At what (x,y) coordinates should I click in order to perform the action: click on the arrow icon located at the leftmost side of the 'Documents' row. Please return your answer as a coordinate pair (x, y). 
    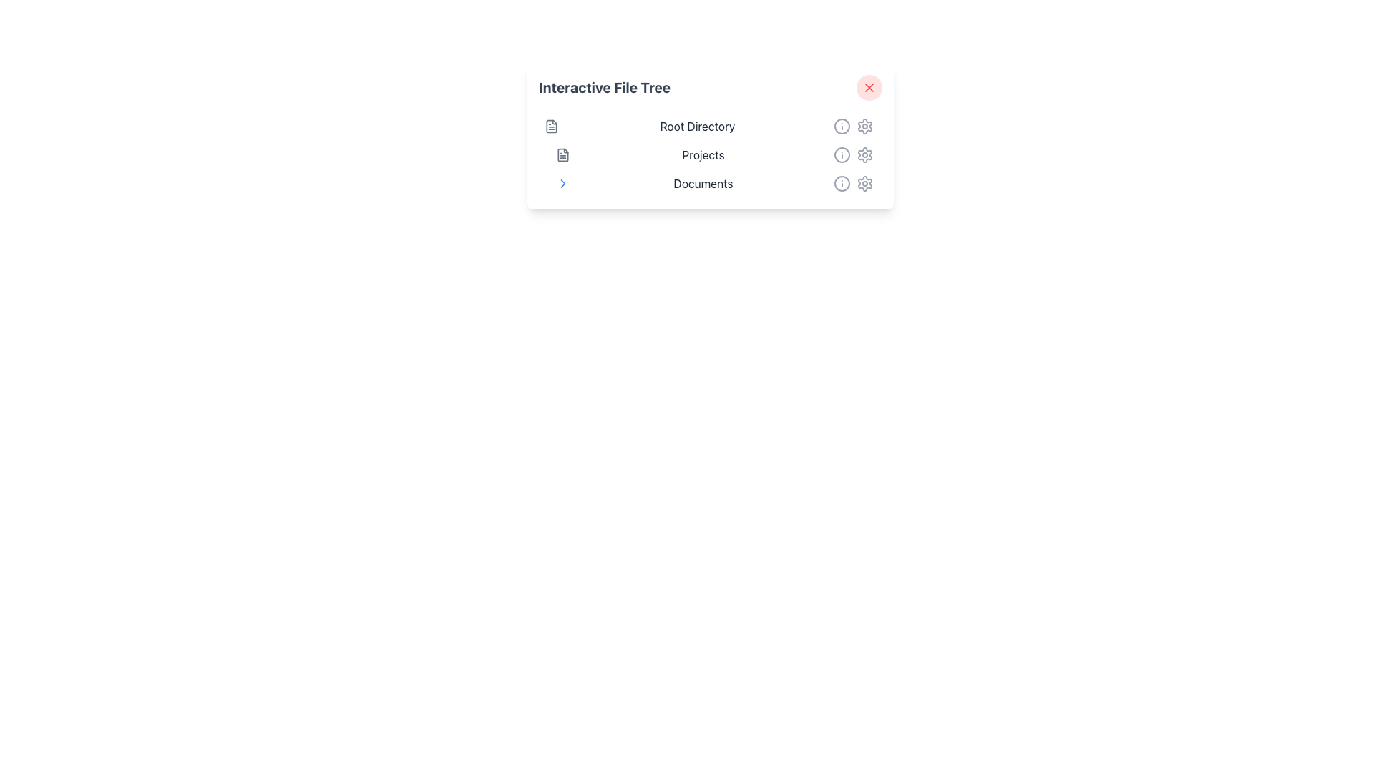
    Looking at the image, I should click on (562, 183).